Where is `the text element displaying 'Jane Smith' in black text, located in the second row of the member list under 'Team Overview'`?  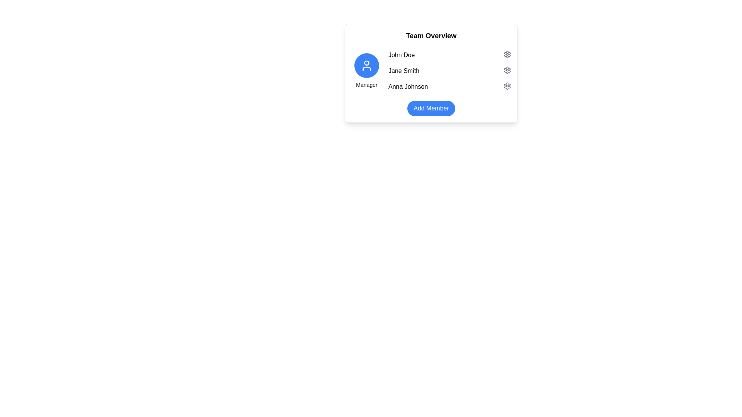
the text element displaying 'Jane Smith' in black text, located in the second row of the member list under 'Team Overview' is located at coordinates (403, 71).